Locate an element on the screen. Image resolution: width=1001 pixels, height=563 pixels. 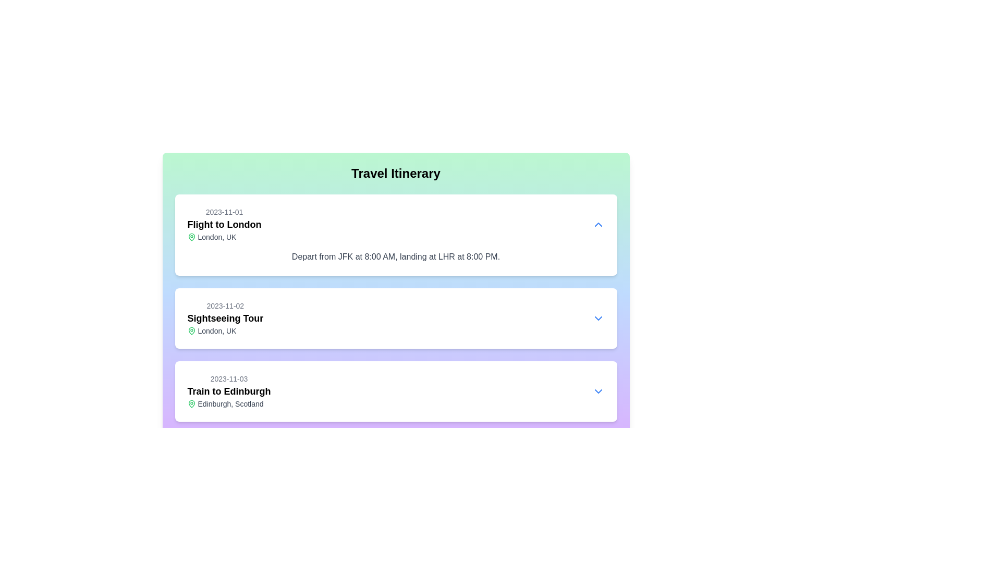
the second list item is located at coordinates (395, 307).